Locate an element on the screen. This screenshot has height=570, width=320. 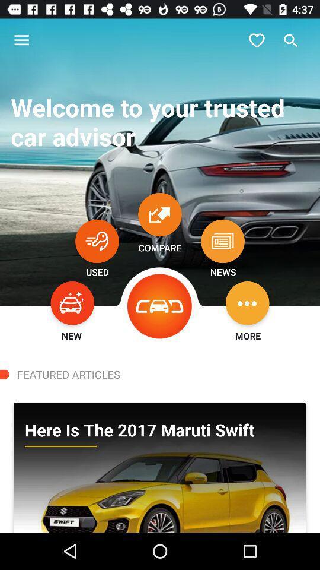
go back is located at coordinates (160, 306).